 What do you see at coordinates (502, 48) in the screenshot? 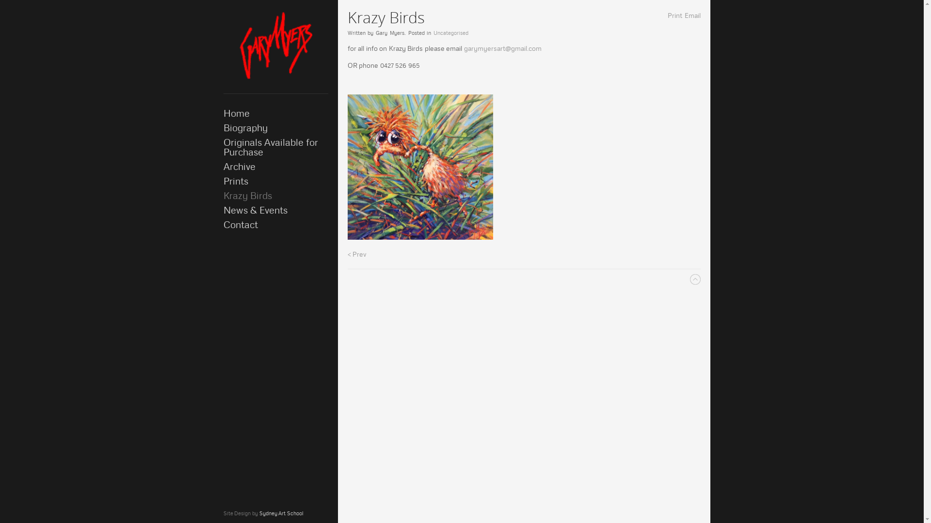
I see `'garymyersart@gmail.com'` at bounding box center [502, 48].